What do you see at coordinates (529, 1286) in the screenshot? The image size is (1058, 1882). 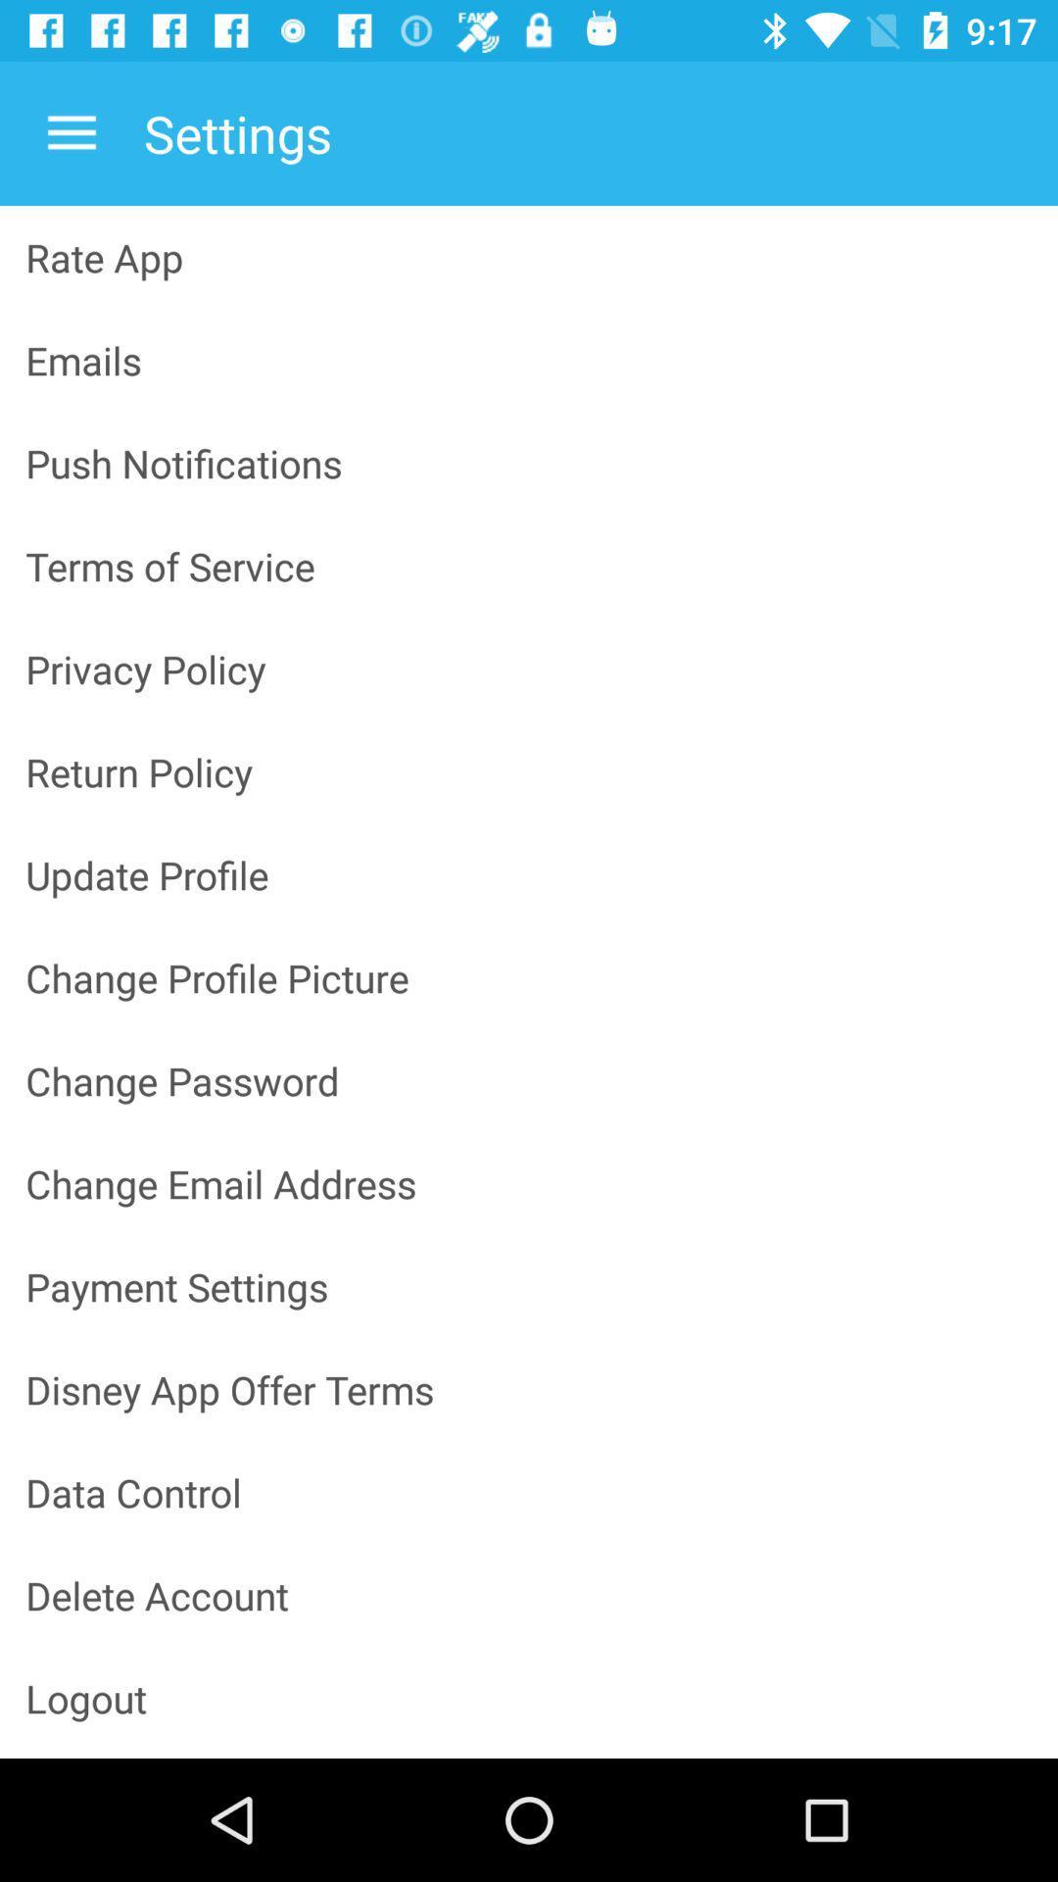 I see `icon below change email address item` at bounding box center [529, 1286].